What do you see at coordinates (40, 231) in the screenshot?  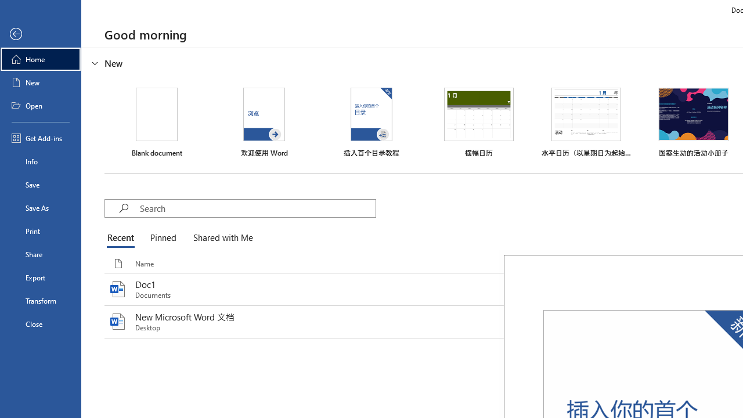 I see `'Print'` at bounding box center [40, 231].